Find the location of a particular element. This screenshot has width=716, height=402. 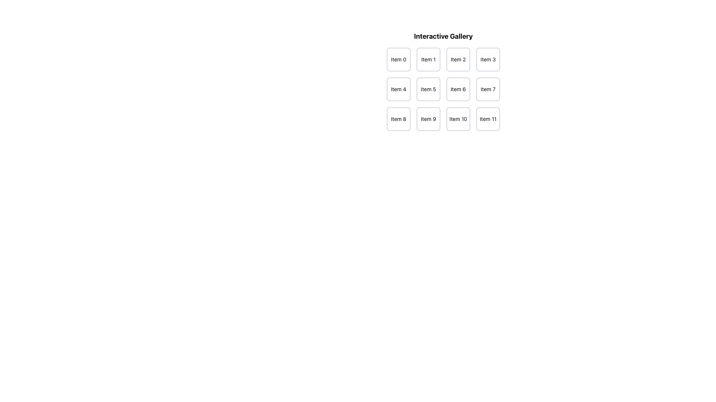

the third button in the fourth row of the grid layout is located at coordinates (458, 119).